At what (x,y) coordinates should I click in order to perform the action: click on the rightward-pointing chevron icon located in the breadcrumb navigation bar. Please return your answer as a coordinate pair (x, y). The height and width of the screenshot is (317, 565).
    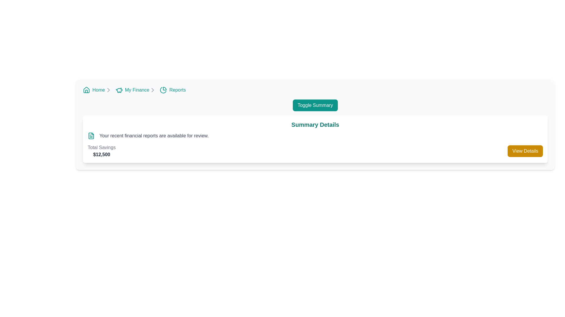
    Looking at the image, I should click on (108, 90).